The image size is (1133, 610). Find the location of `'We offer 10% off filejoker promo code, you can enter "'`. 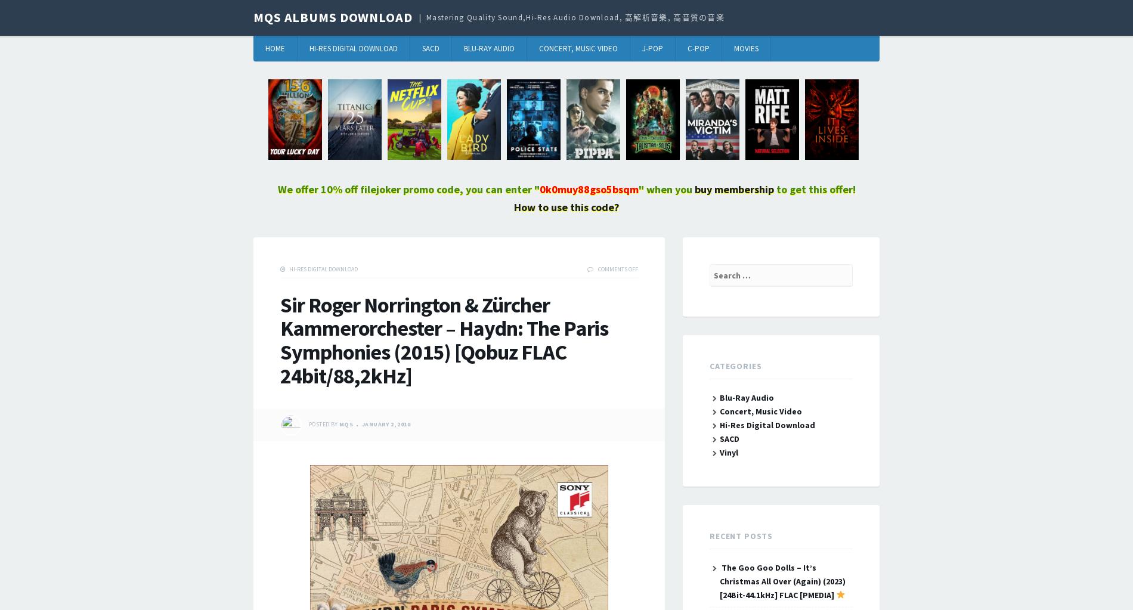

'We offer 10% off filejoker promo code, you can enter "' is located at coordinates (408, 189).